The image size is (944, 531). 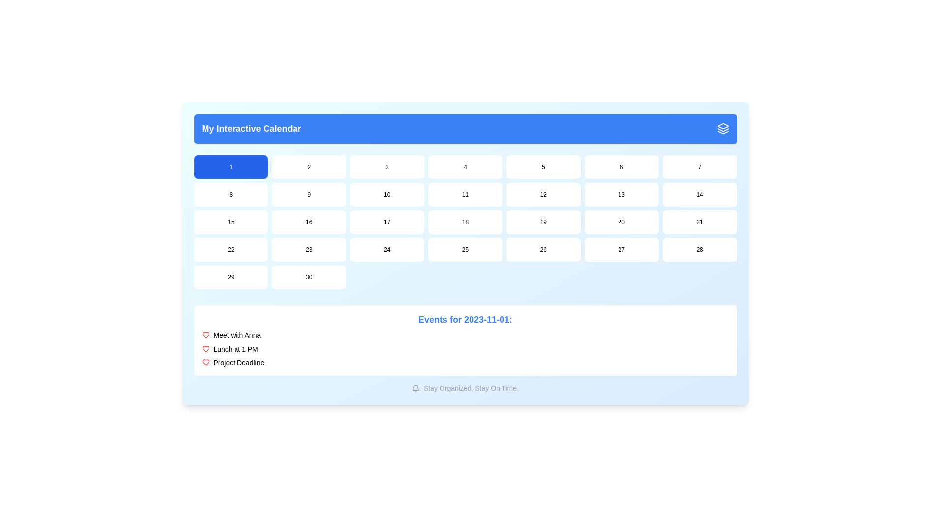 I want to click on the blue button labeled '1' located in the upper left corner of the grid just below the header 'My Interactive Calendar', so click(x=230, y=166).